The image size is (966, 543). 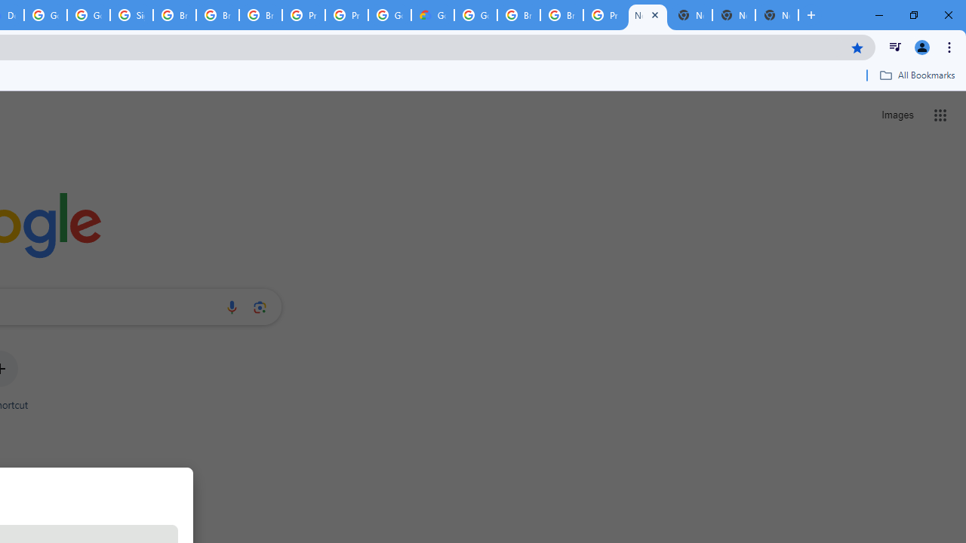 I want to click on 'Sign in - Google Accounts', so click(x=131, y=15).